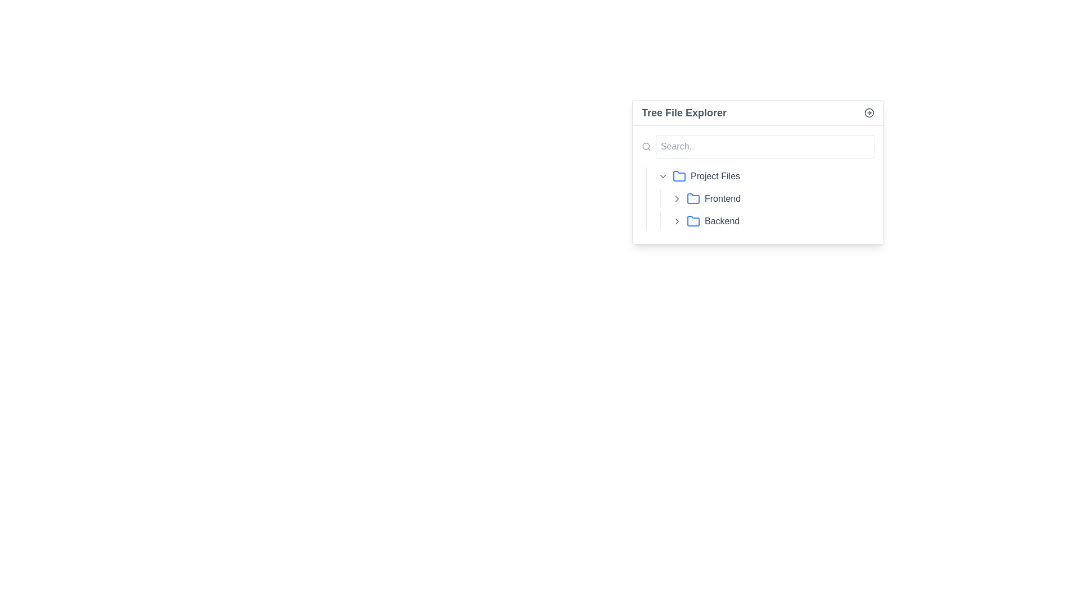 The height and width of the screenshot is (607, 1079). I want to click on the Chevron Icon used for expanding or collapsing the 'Backend' entry in the file tree explorer widget, so click(676, 221).